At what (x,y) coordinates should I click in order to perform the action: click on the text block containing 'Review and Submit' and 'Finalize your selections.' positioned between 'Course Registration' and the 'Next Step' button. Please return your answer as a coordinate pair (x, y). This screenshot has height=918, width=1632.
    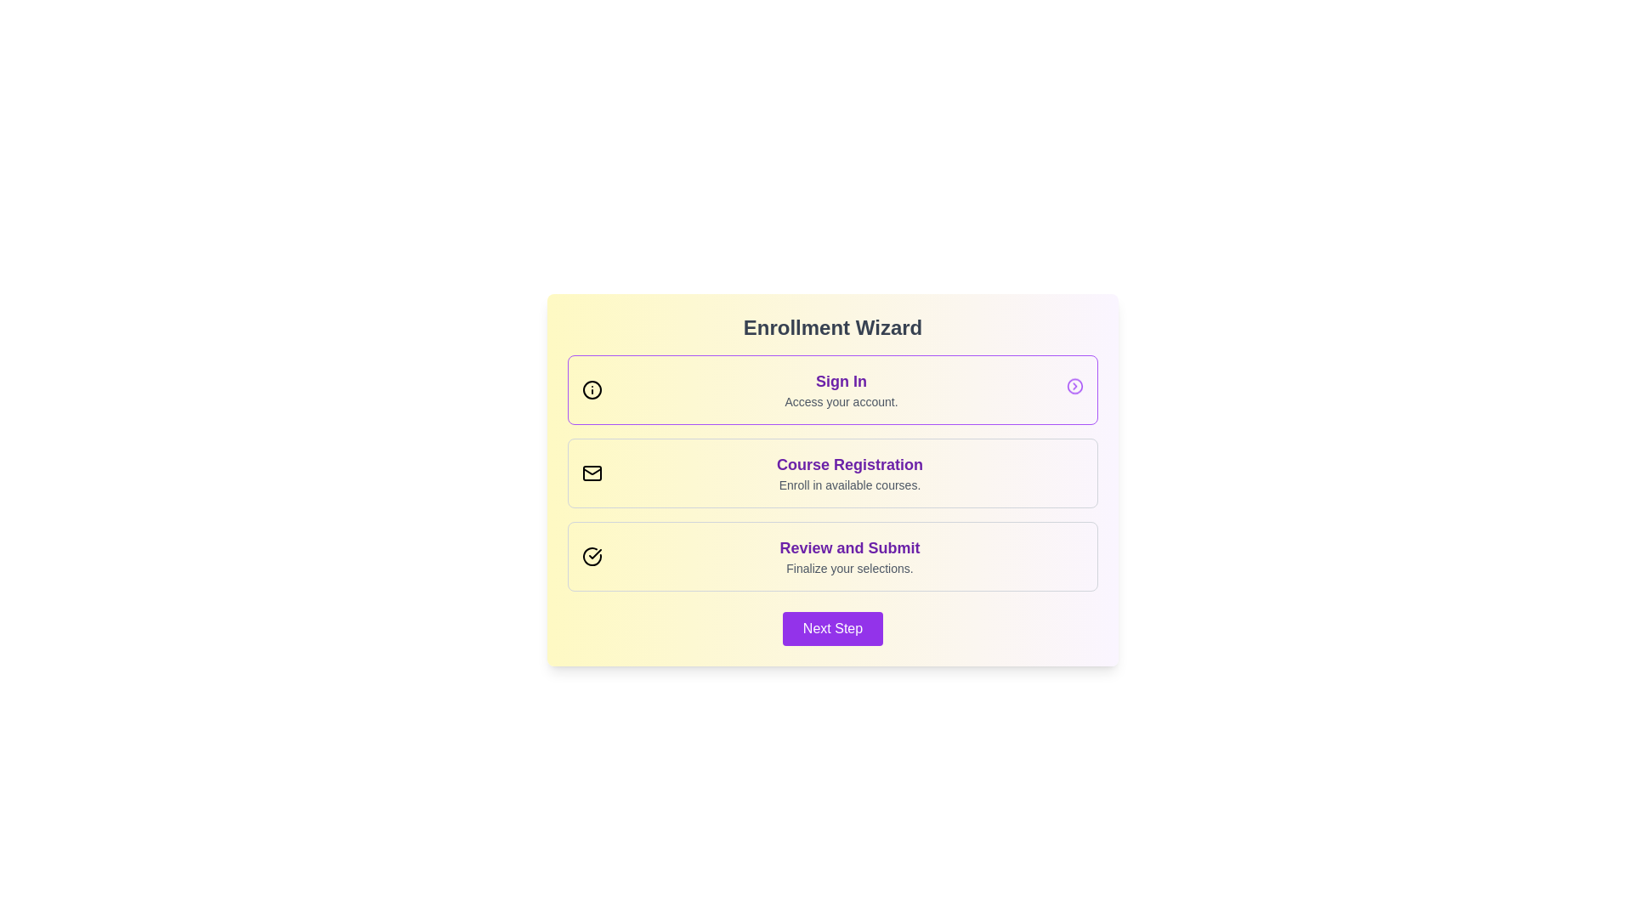
    Looking at the image, I should click on (849, 557).